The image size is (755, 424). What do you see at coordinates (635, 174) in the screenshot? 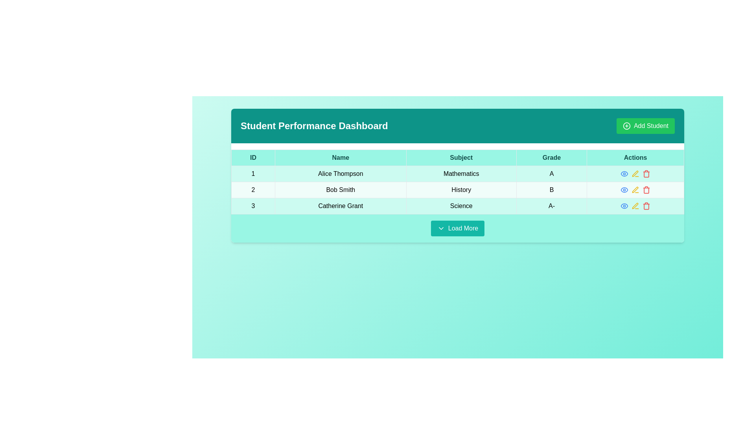
I see `the pencil icon button in the 'Actions' column of the first row of the table` at bounding box center [635, 174].